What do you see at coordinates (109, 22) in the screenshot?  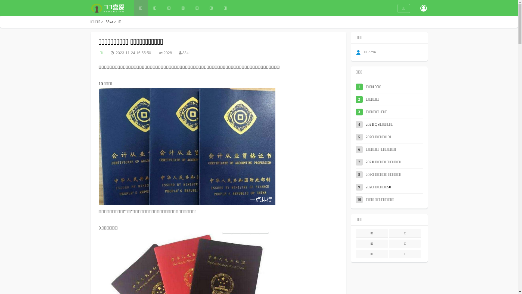 I see `'33xa'` at bounding box center [109, 22].